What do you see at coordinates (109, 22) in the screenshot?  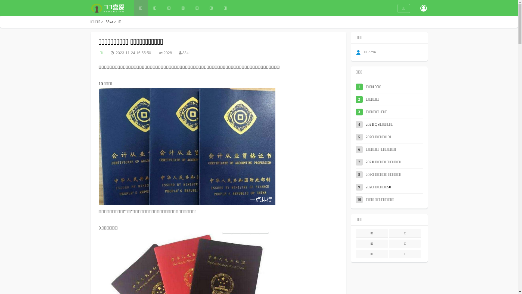 I see `'33xa'` at bounding box center [109, 22].